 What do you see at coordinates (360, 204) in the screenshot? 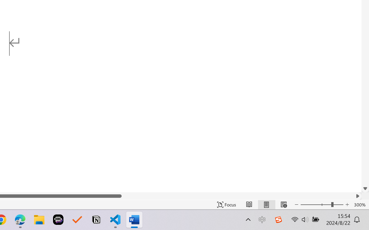
I see `'Zoom 300%'` at bounding box center [360, 204].